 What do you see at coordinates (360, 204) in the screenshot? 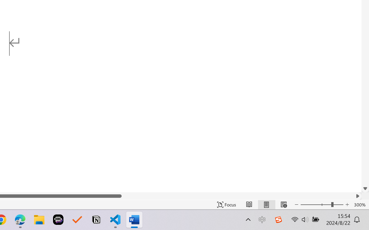
I see `'Zoom 300%'` at bounding box center [360, 204].